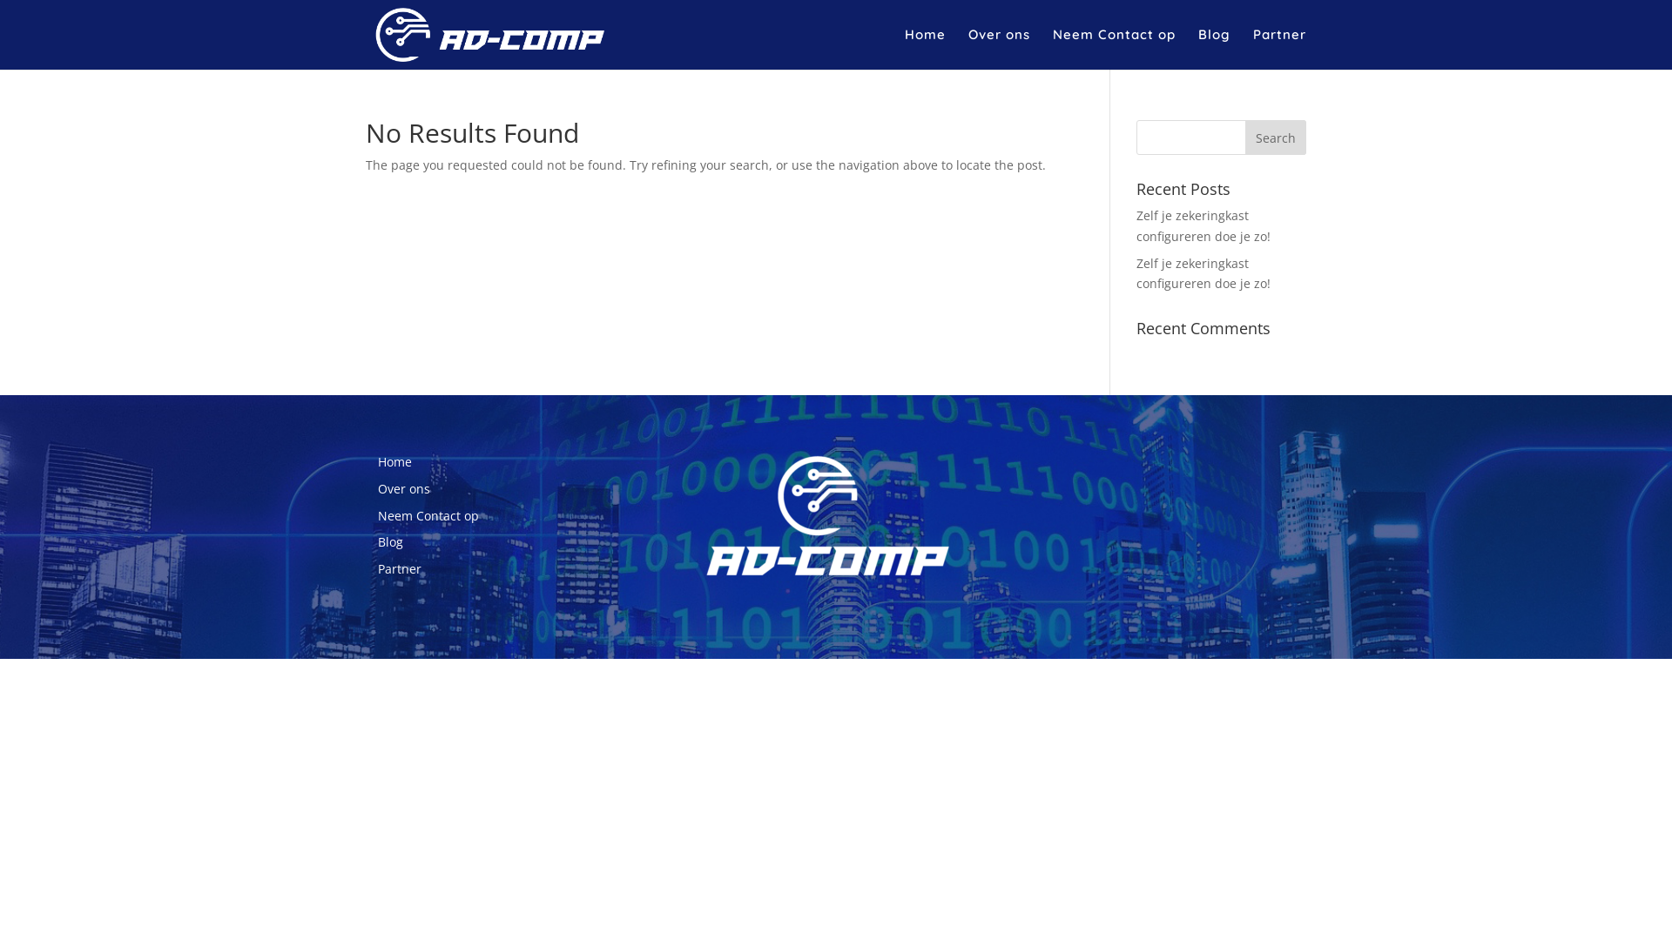 This screenshot has width=1672, height=940. I want to click on 'Home', so click(924, 48).